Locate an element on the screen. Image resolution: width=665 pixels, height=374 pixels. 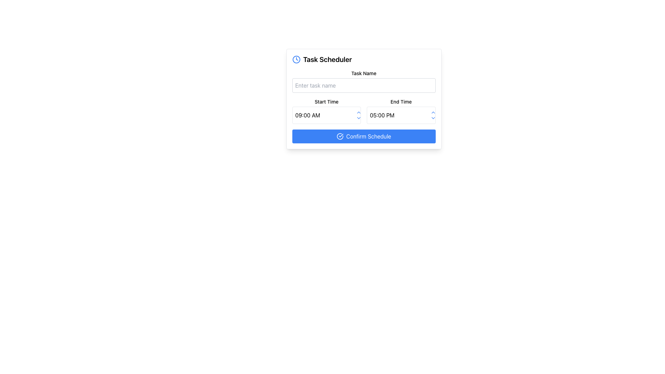
context text from the 'Start Time' label located above the input field in the 'Task Scheduler' card is located at coordinates (326, 101).